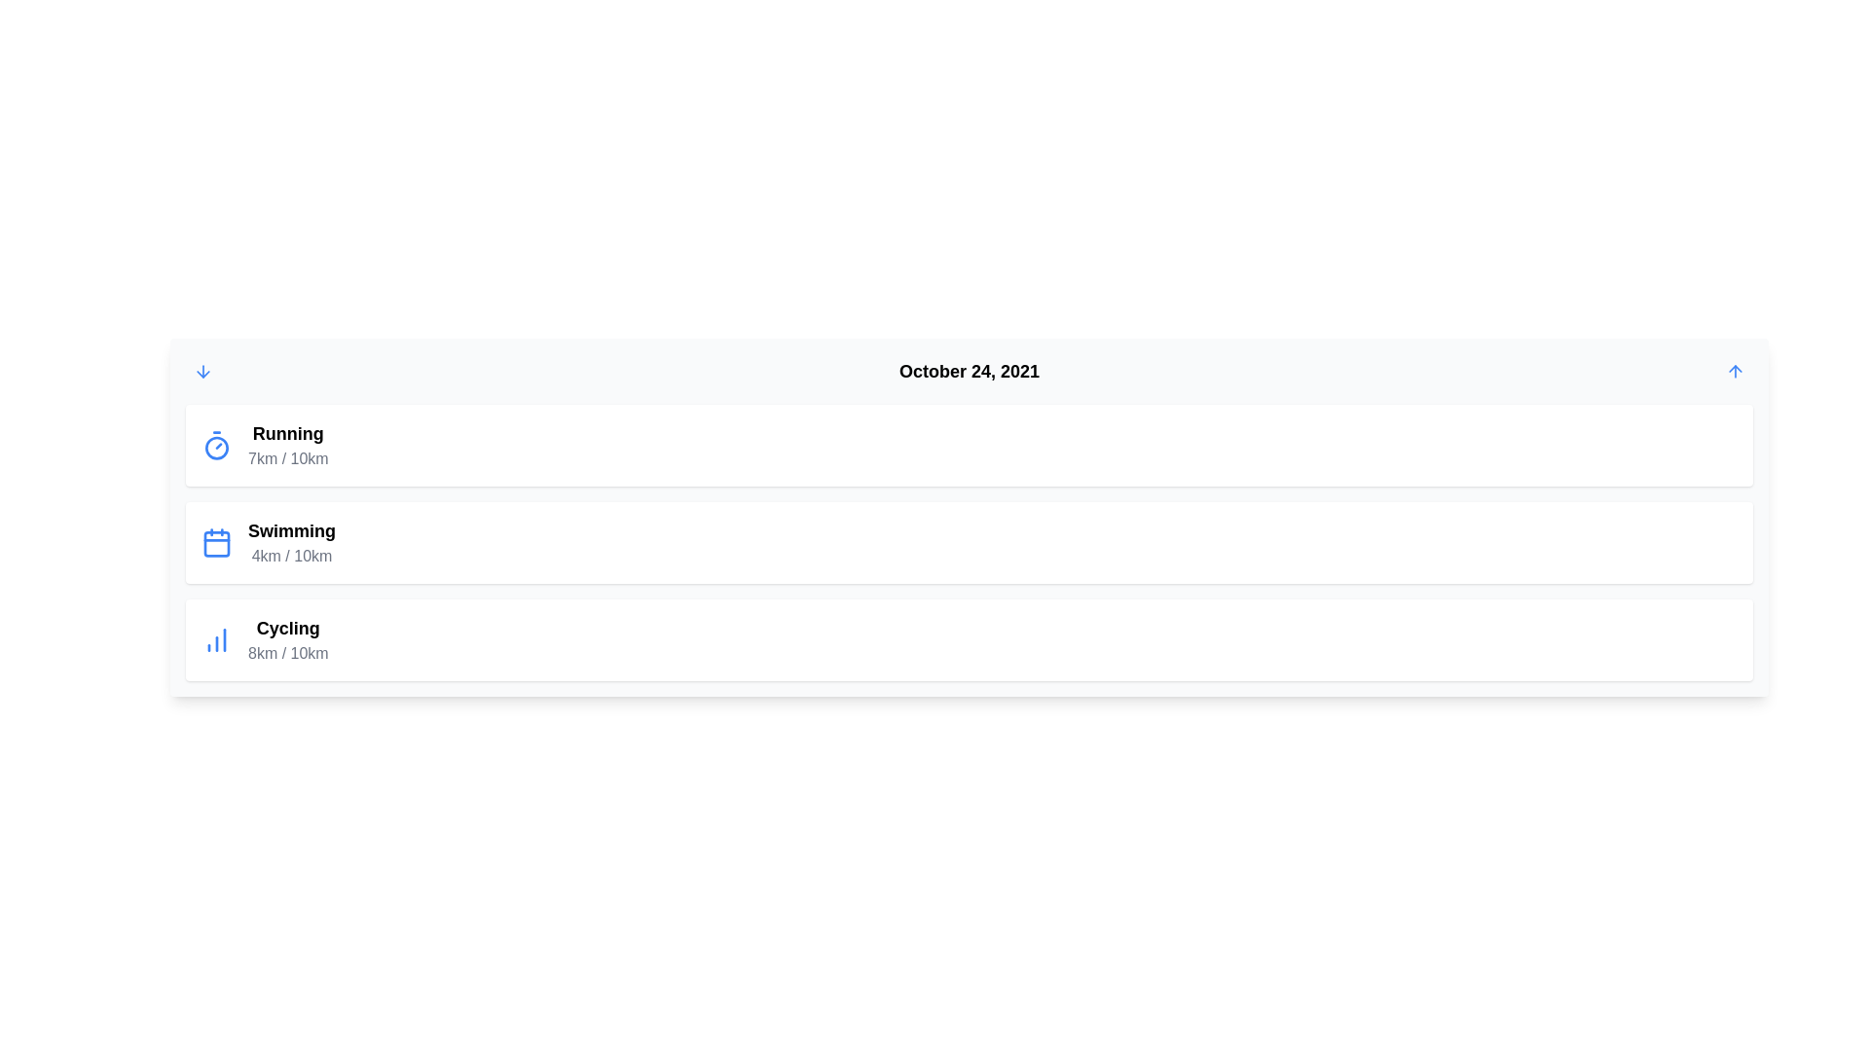 Image resolution: width=1869 pixels, height=1051 pixels. Describe the element at coordinates (287, 446) in the screenshot. I see `text displayed in the informational display which shows 'Running' and '7km / 10km' located at the first entry of the vertically stacked list` at that location.